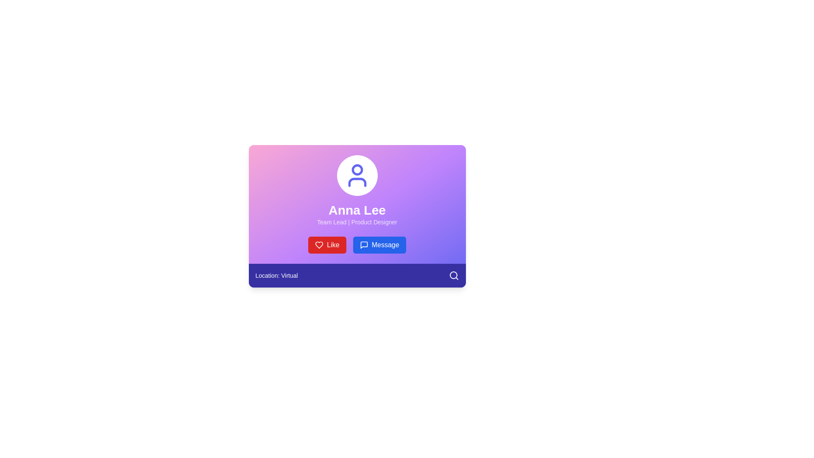  Describe the element at coordinates (379, 245) in the screenshot. I see `the blue 'Message' button with white text and a chat bubble icon, located to the right of the 'Like' button in the user profile card, to initiate a messaging action` at that location.